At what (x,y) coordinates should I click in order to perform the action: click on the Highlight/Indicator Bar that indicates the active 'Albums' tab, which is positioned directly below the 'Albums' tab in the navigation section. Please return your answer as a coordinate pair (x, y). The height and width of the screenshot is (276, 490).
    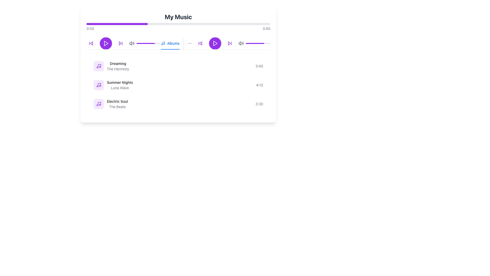
    Looking at the image, I should click on (170, 49).